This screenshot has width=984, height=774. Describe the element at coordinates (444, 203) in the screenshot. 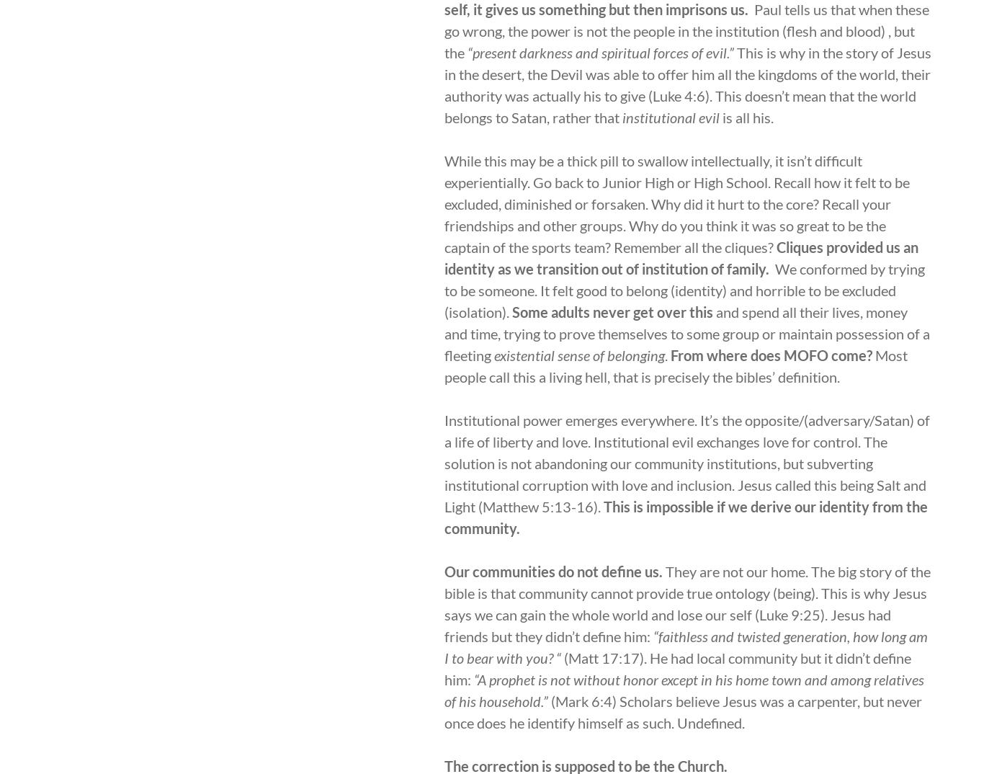

I see `'While this may be a thick pill to swallow intellectually, it isn’t difficult experientially. Go back to Junior High or High School. Recall how it felt to be excluded, diminished or forsaken. Why did it hurt to the core? Recall your friendships and other groups. Why do you think it was so great to be the captain of the sports team? Remember all the cliques?'` at that location.